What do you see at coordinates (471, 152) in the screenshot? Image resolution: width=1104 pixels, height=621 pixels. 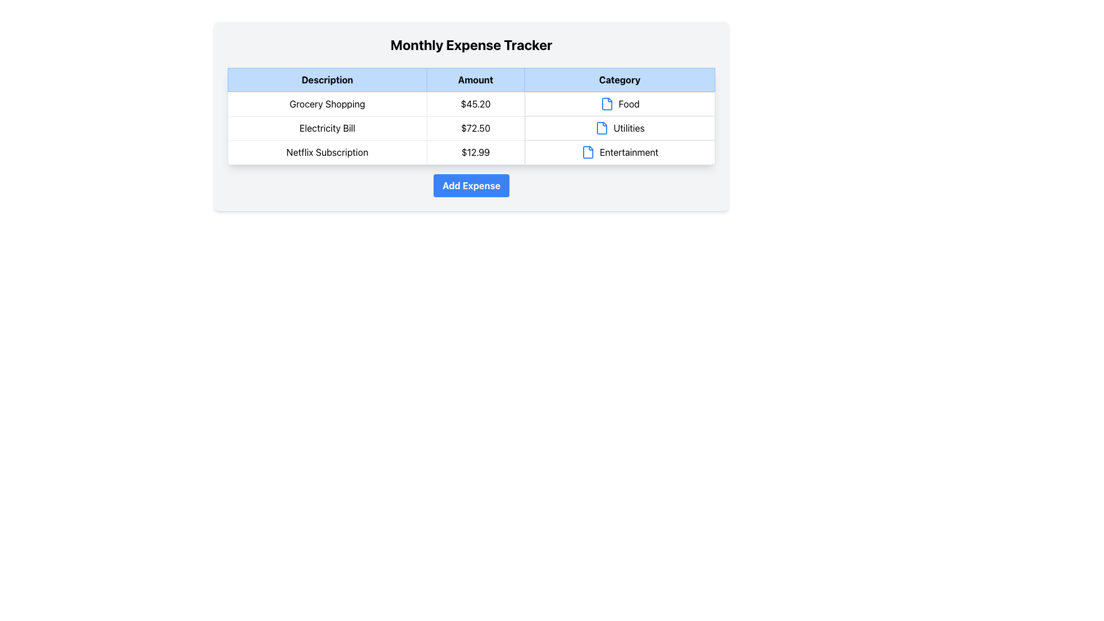 I see `the third row in the table of the 'Monthly Expense Tracker' application, which displays an expense entry including the name, cost, and category` at bounding box center [471, 152].